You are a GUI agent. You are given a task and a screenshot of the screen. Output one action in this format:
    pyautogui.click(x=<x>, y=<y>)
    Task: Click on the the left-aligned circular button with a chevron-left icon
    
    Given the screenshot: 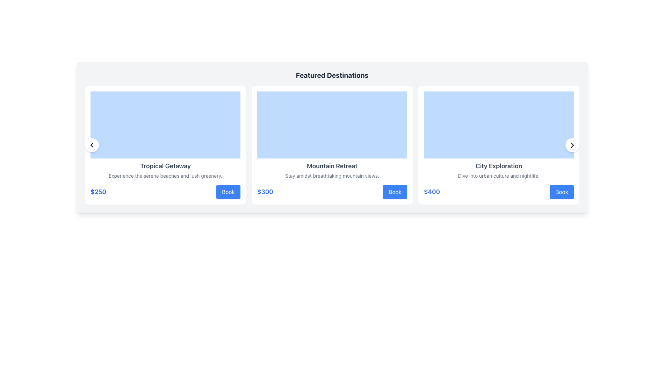 What is the action you would take?
    pyautogui.click(x=92, y=145)
    